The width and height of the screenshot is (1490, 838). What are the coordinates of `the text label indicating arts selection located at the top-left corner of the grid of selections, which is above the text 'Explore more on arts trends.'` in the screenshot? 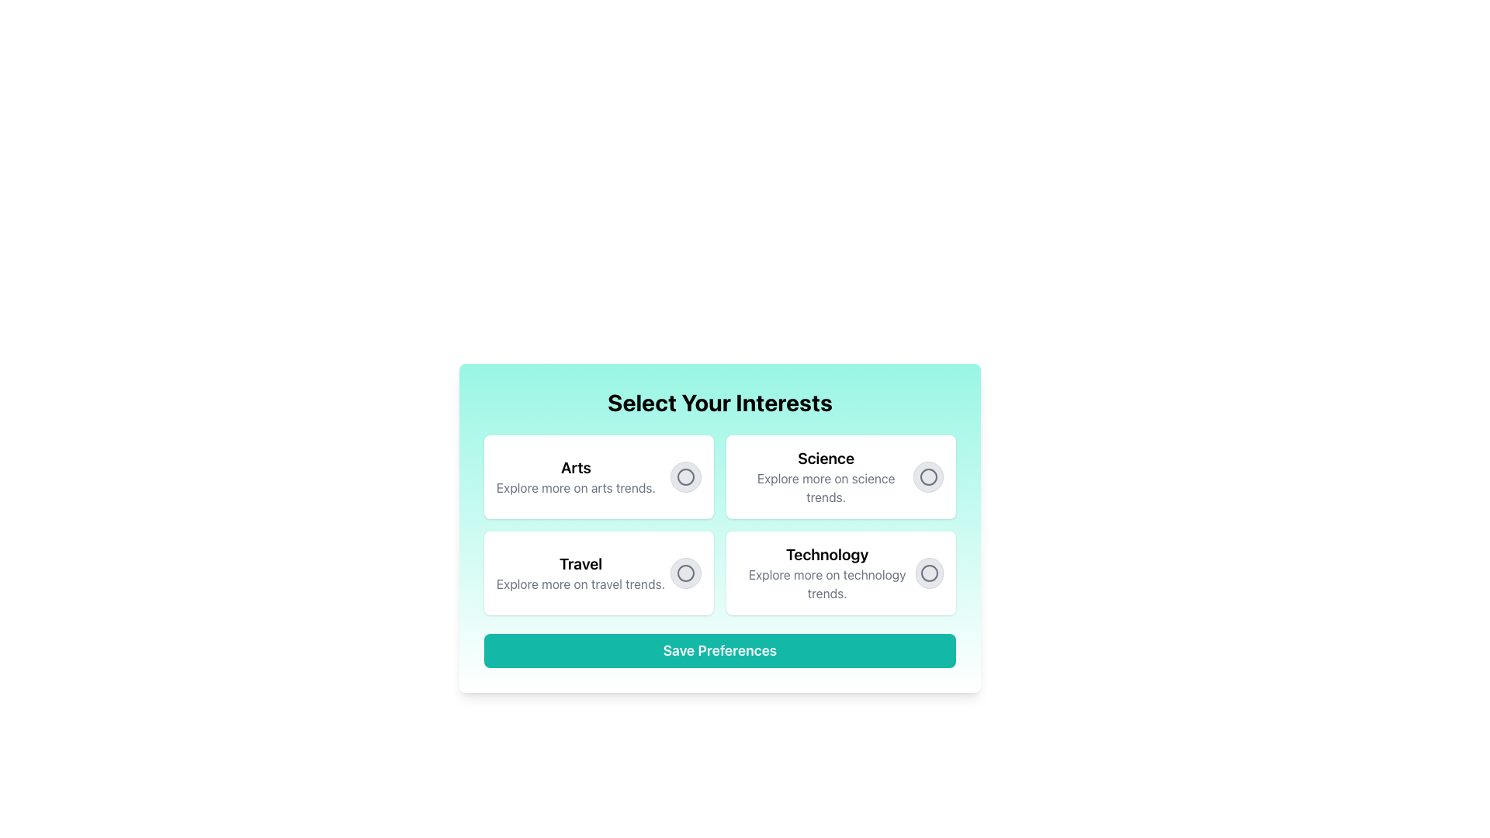 It's located at (575, 466).